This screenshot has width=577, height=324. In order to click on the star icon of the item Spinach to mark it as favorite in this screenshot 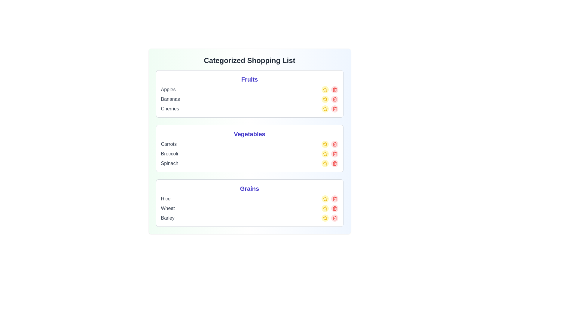, I will do `click(325, 163)`.